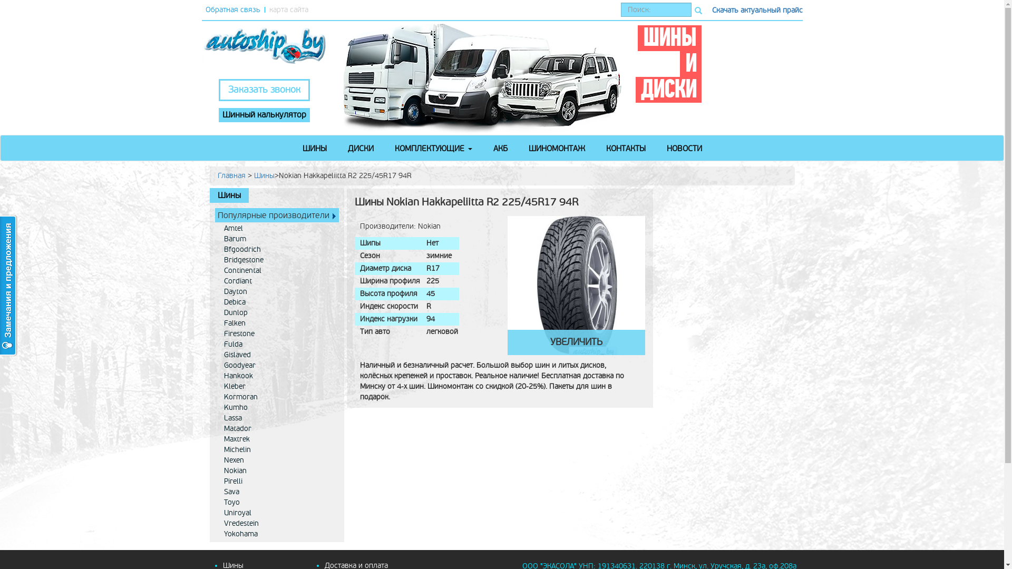 This screenshot has width=1012, height=569. Describe the element at coordinates (278, 228) in the screenshot. I see `'Amtel'` at that location.